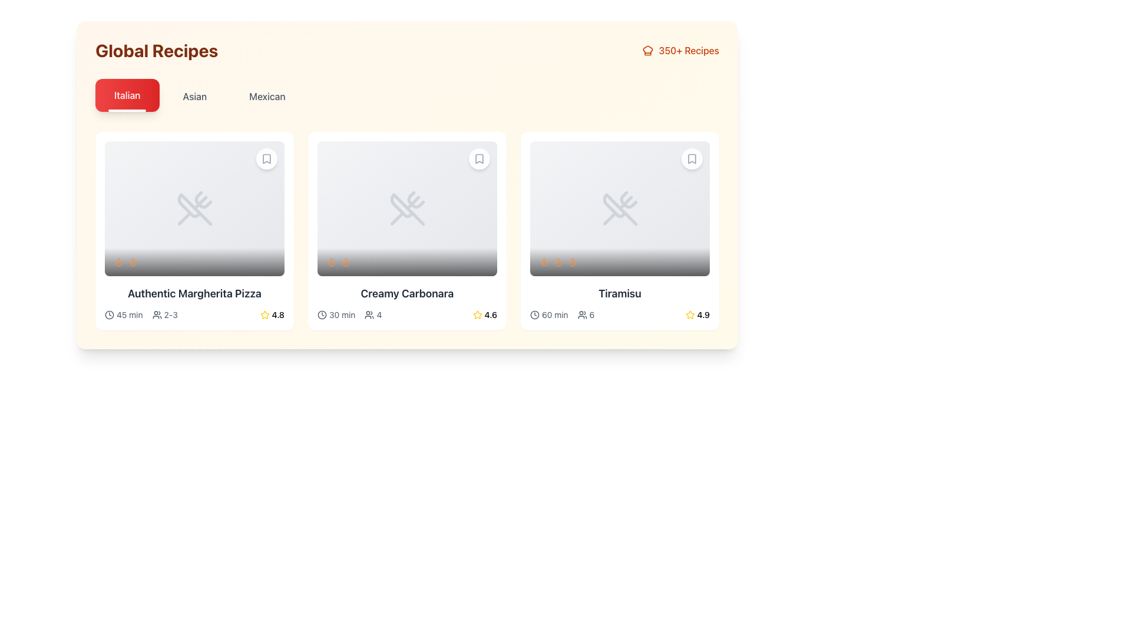 Image resolution: width=1131 pixels, height=636 pixels. I want to click on the Decorator Bar located at the bottom of the third recipe card, directly under the 'Tiramisu' card title, which features a gradient overlay effect, so click(619, 261).